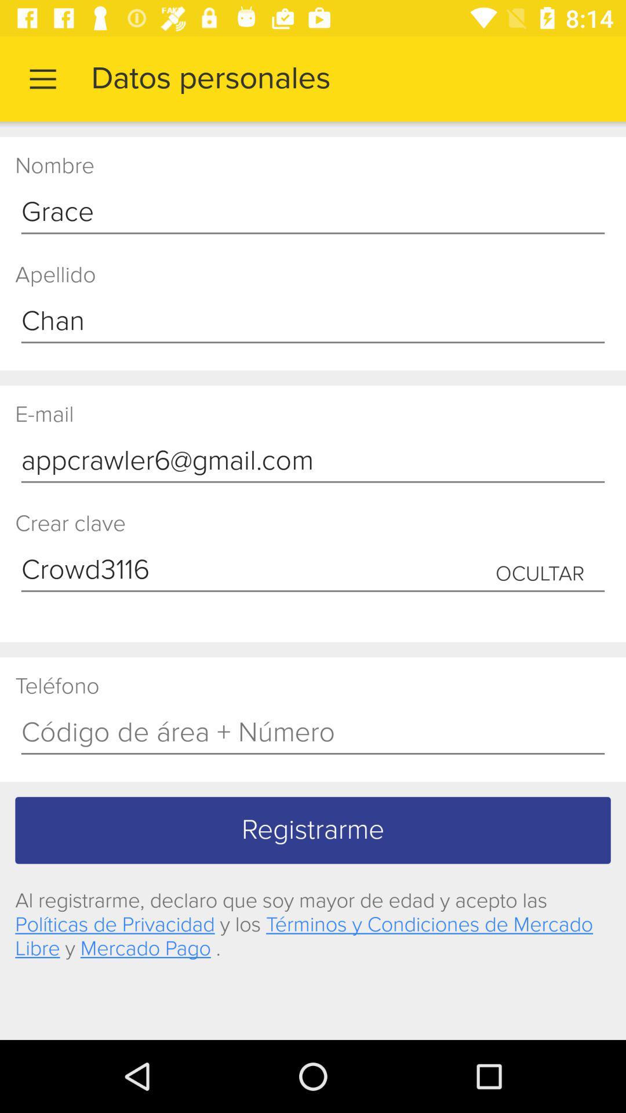 This screenshot has width=626, height=1113. What do you see at coordinates (313, 733) in the screenshot?
I see `phone number` at bounding box center [313, 733].